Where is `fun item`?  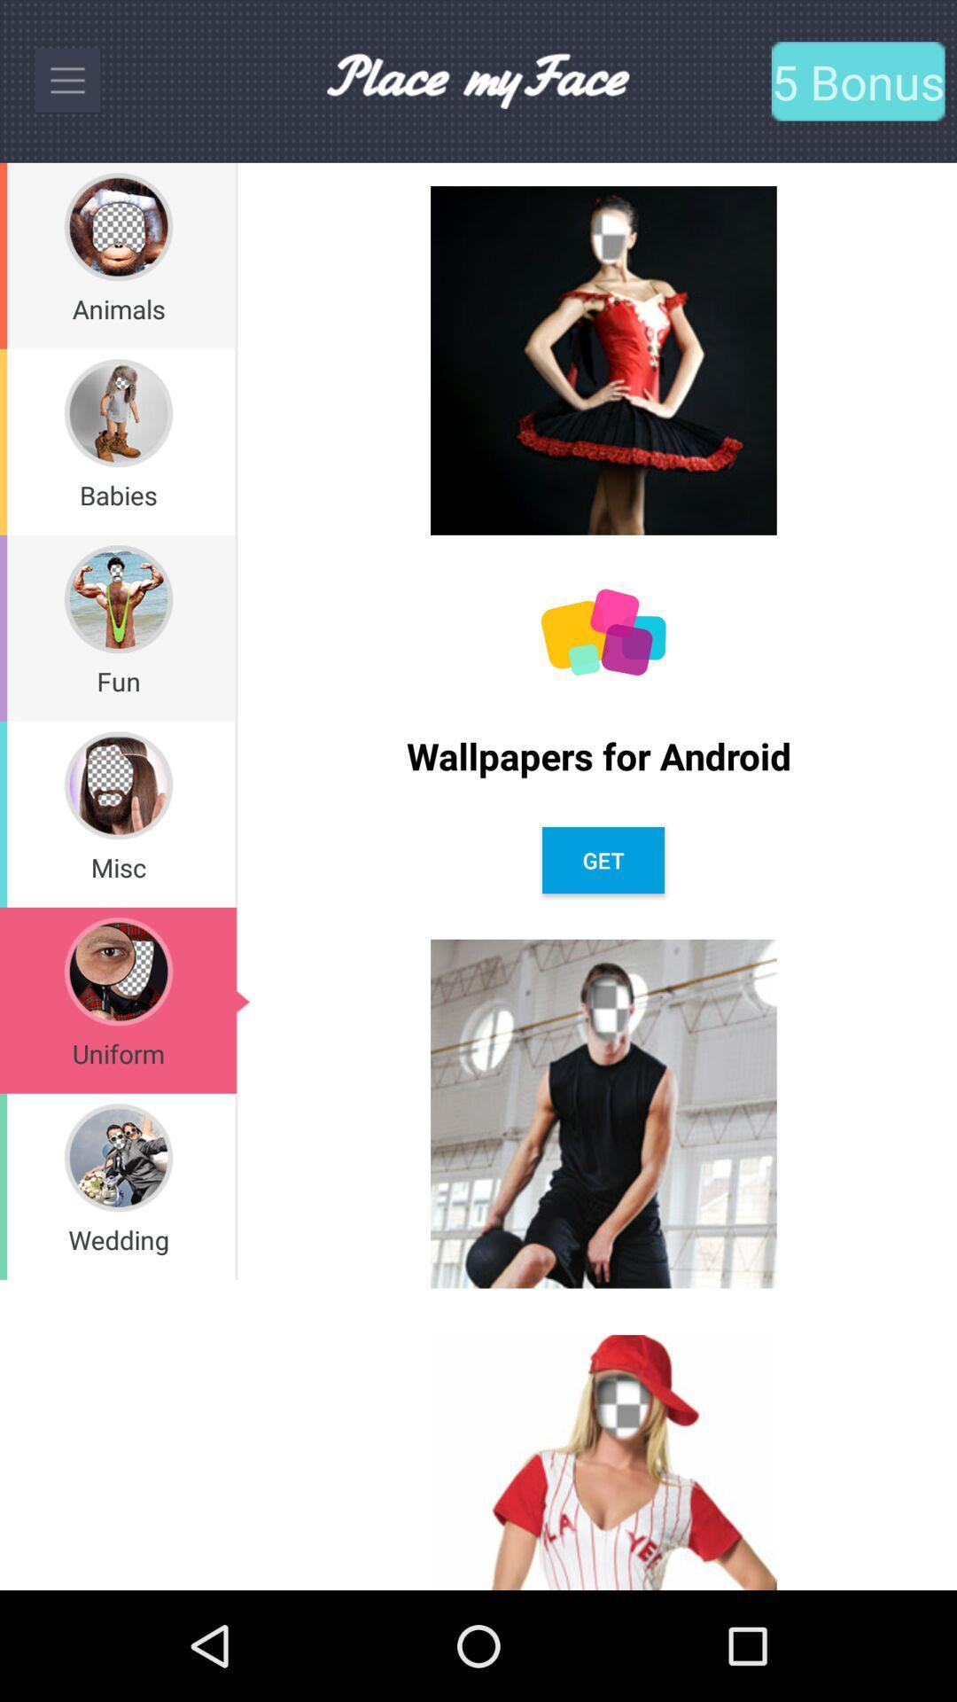
fun item is located at coordinates (119, 680).